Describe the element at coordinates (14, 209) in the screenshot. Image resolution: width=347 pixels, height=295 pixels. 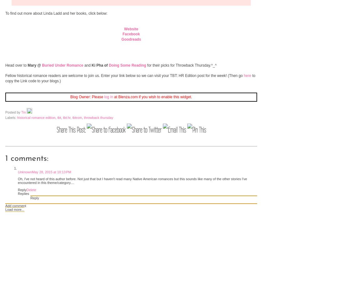
I see `'Load more...'` at that location.